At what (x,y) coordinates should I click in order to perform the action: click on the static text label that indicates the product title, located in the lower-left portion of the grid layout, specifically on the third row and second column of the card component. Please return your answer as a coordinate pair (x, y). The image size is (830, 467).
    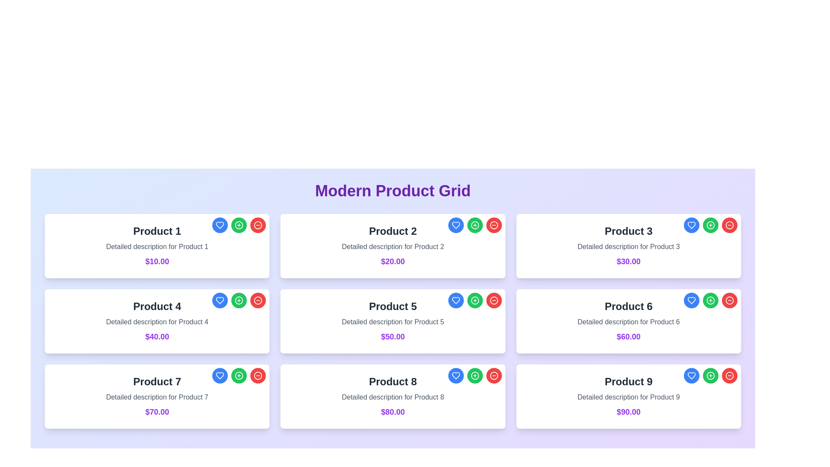
    Looking at the image, I should click on (392, 381).